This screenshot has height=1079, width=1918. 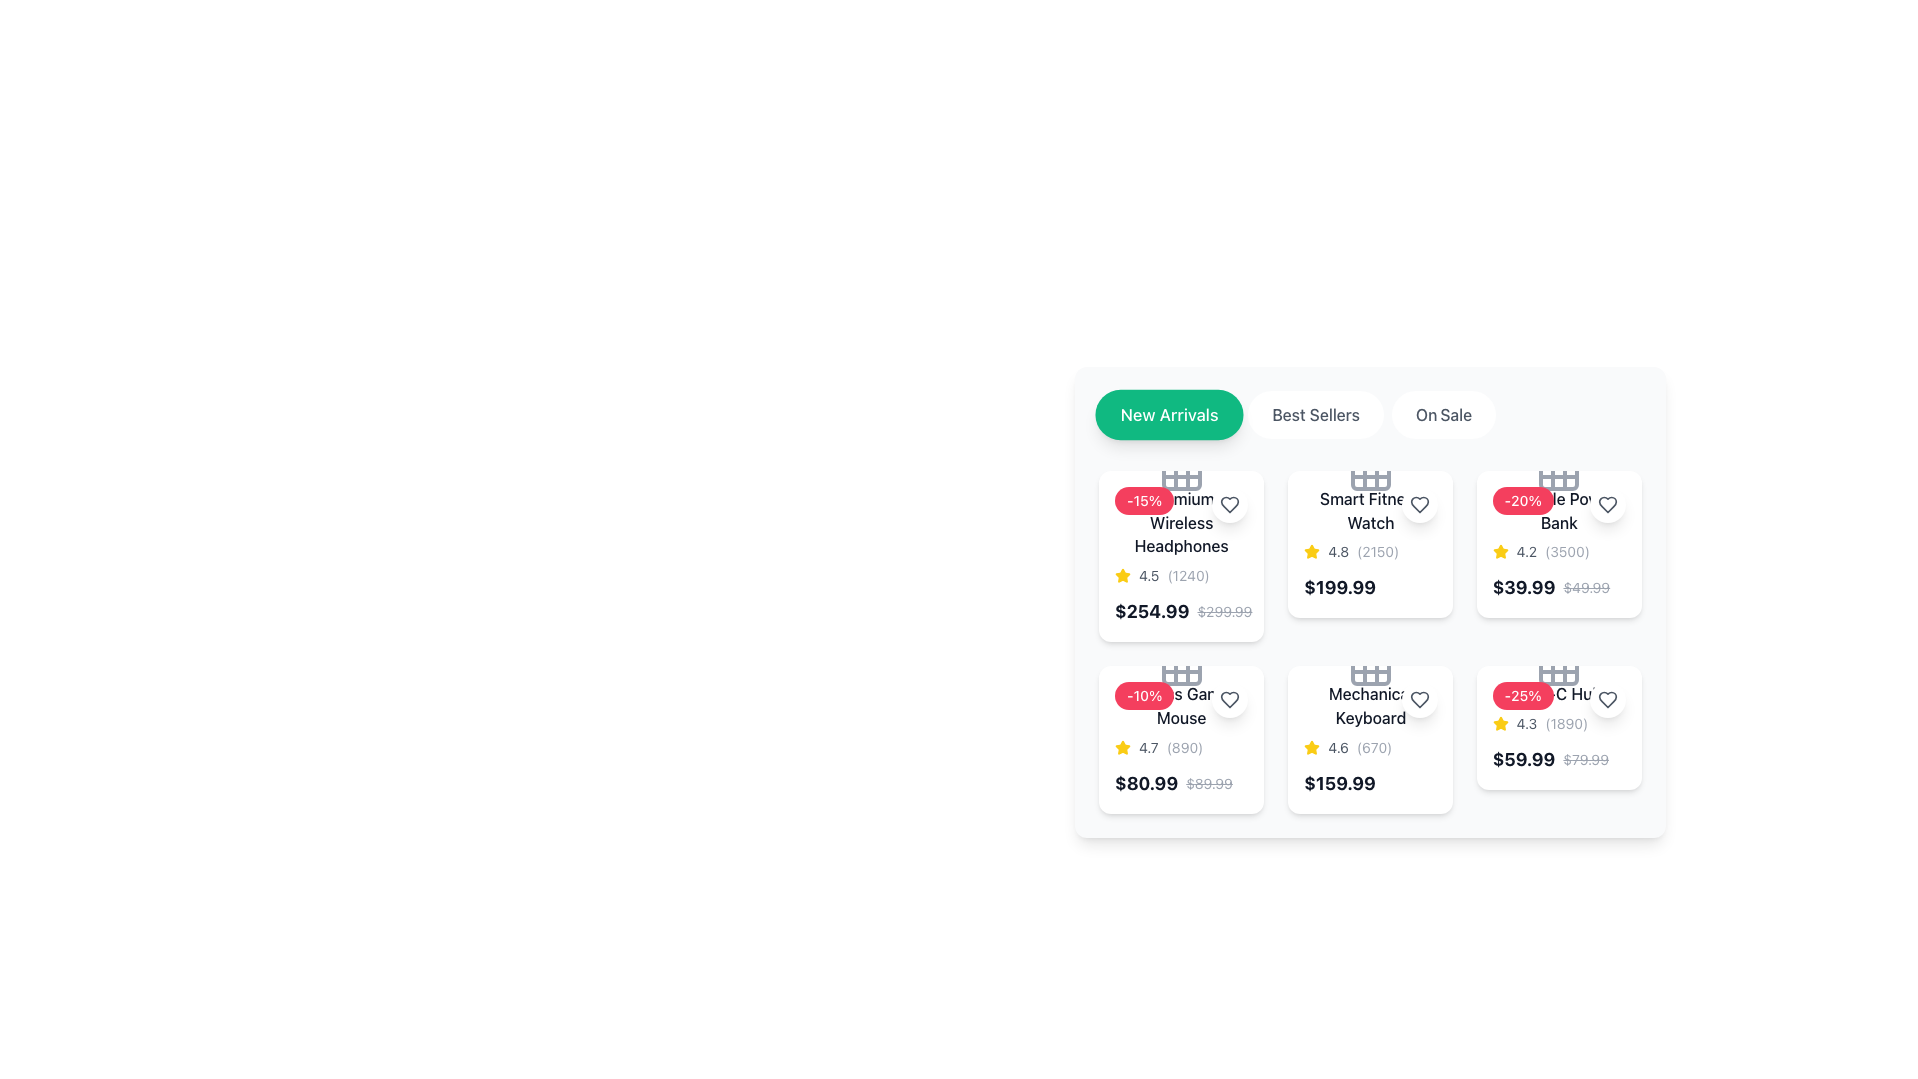 What do you see at coordinates (1370, 783) in the screenshot?
I see `prominent price text '$159.99' displayed in bold within the price section of the 'Mechanical Keyboard' card located in the bottom row, middle column of the grid layout` at bounding box center [1370, 783].